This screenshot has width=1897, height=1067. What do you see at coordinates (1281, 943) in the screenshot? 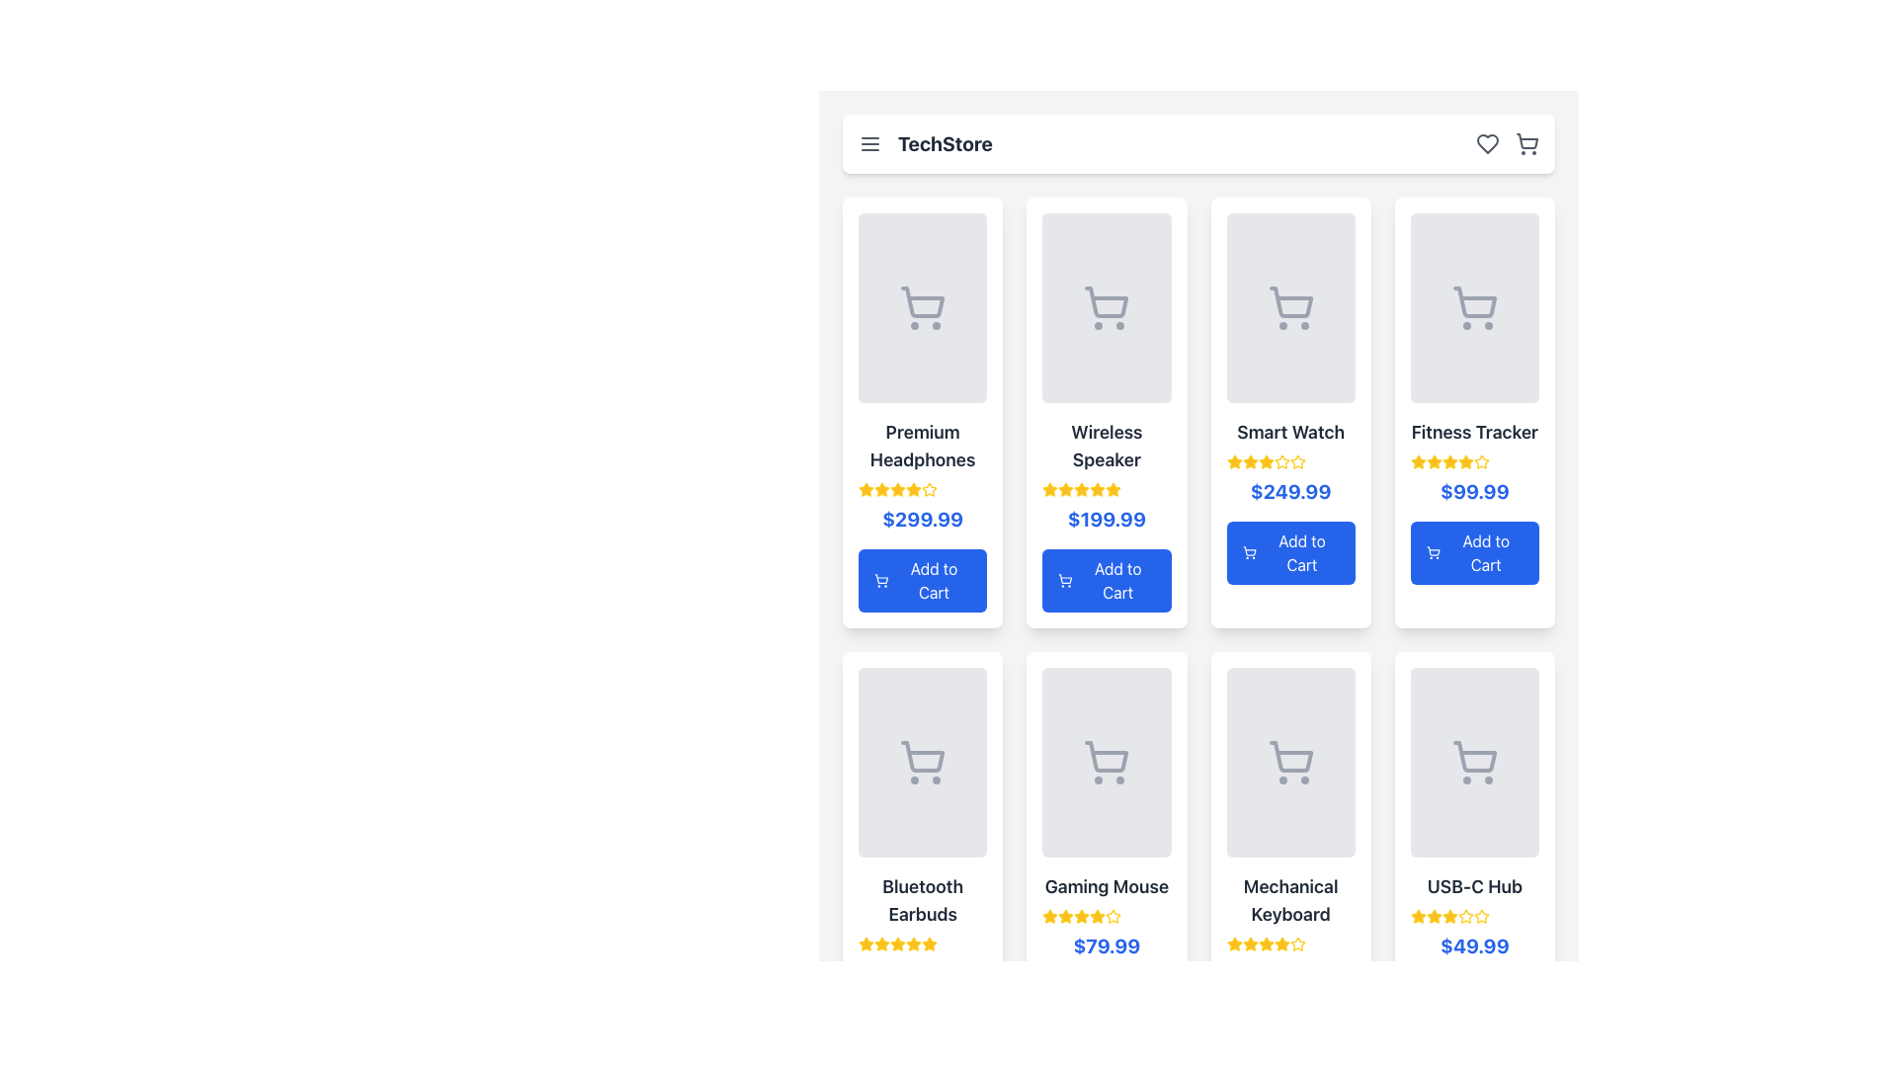
I see `the third Rating Star Icon in the product card for 'Mechanical Keyboard', which indicates the product's rating in a 5-star display` at bounding box center [1281, 943].